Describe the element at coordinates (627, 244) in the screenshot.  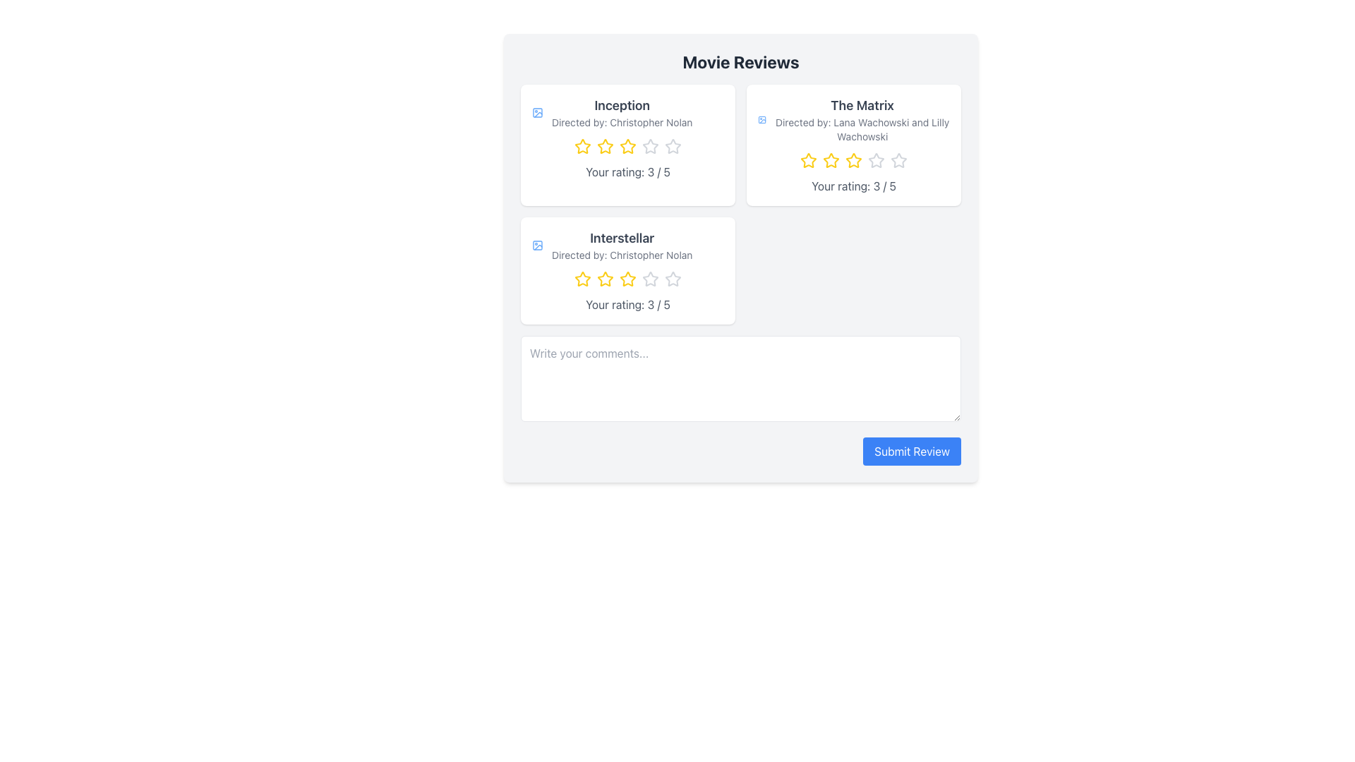
I see `the text block displaying 'Interstellar' and 'Directed by: Christopher Nolan' with an image placeholder icon on the left, located in the middle card of a three-column layout` at that location.